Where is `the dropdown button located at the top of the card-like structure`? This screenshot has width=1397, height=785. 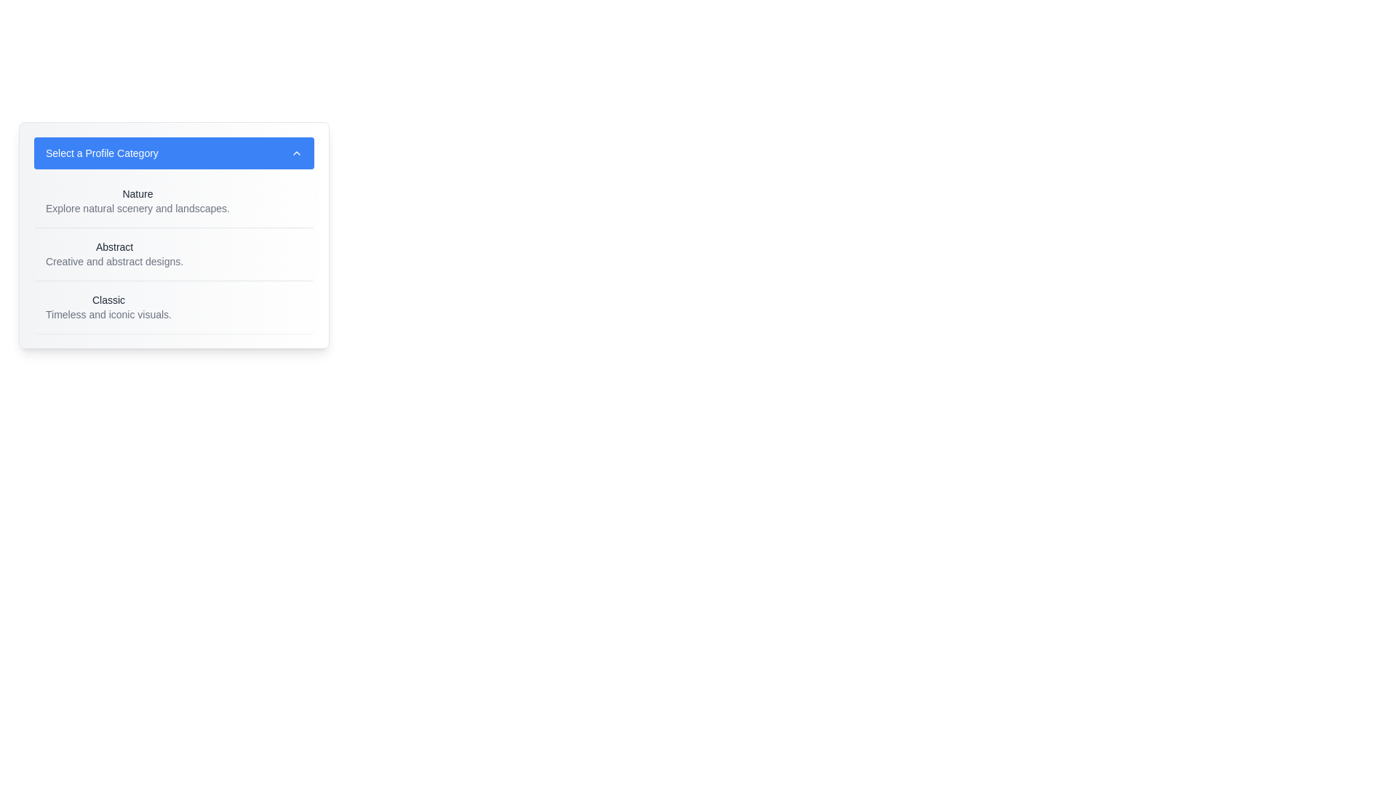 the dropdown button located at the top of the card-like structure is located at coordinates (174, 153).